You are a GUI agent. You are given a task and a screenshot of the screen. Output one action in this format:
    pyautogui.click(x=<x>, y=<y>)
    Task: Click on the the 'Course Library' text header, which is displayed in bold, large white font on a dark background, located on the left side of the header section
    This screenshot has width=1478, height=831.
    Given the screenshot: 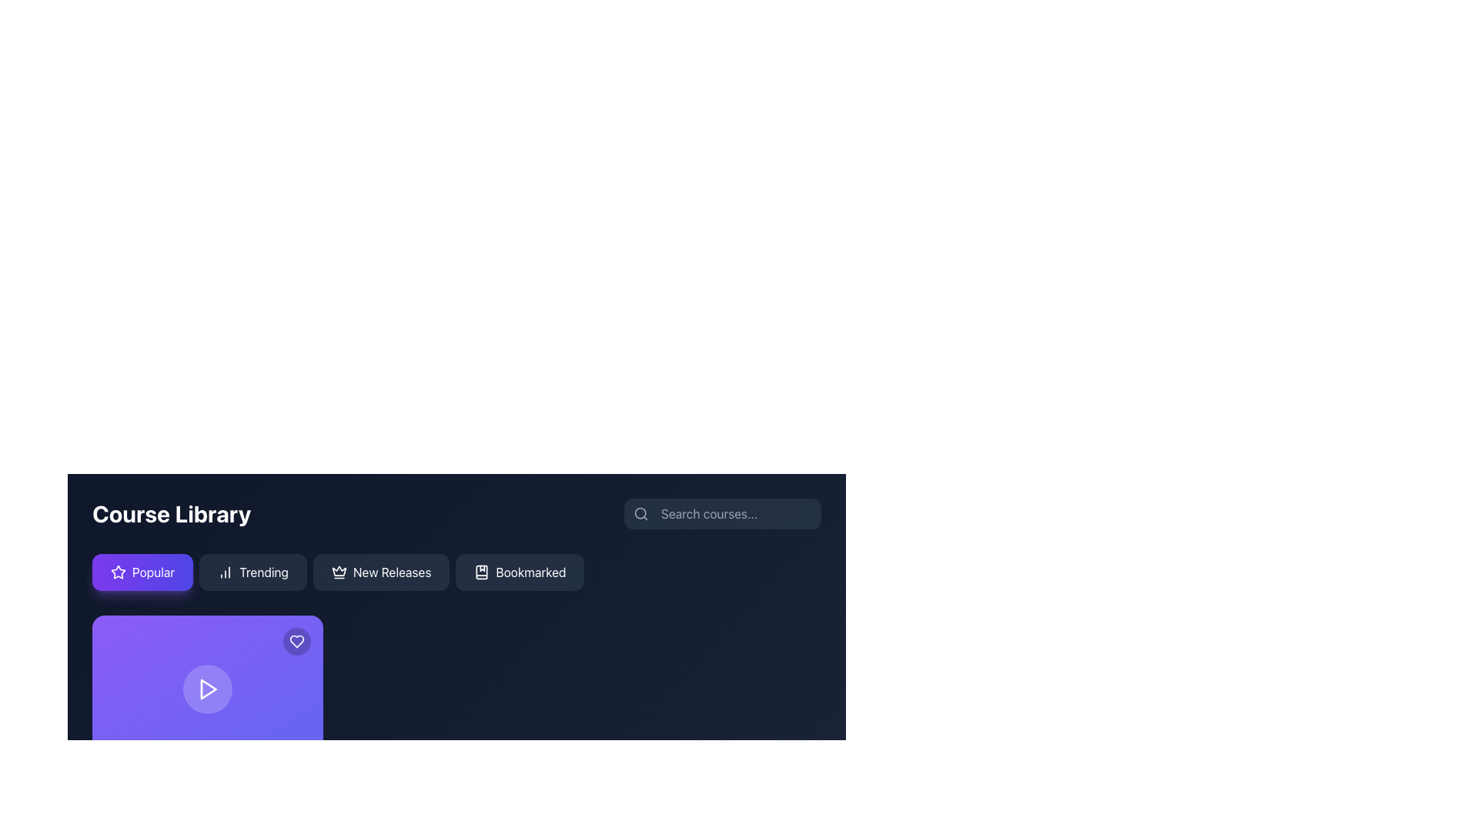 What is the action you would take?
    pyautogui.click(x=172, y=513)
    